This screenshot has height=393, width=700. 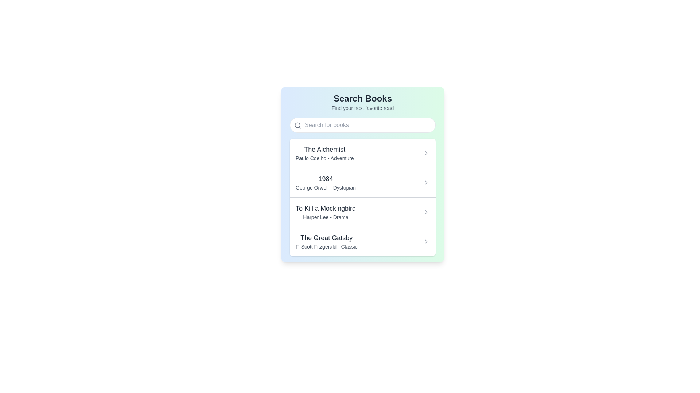 What do you see at coordinates (326, 238) in the screenshot?
I see `the text label displaying 'The Great Gatsby' in large, bold, dark gray font, which is the title in the fourth entry of a book list` at bounding box center [326, 238].